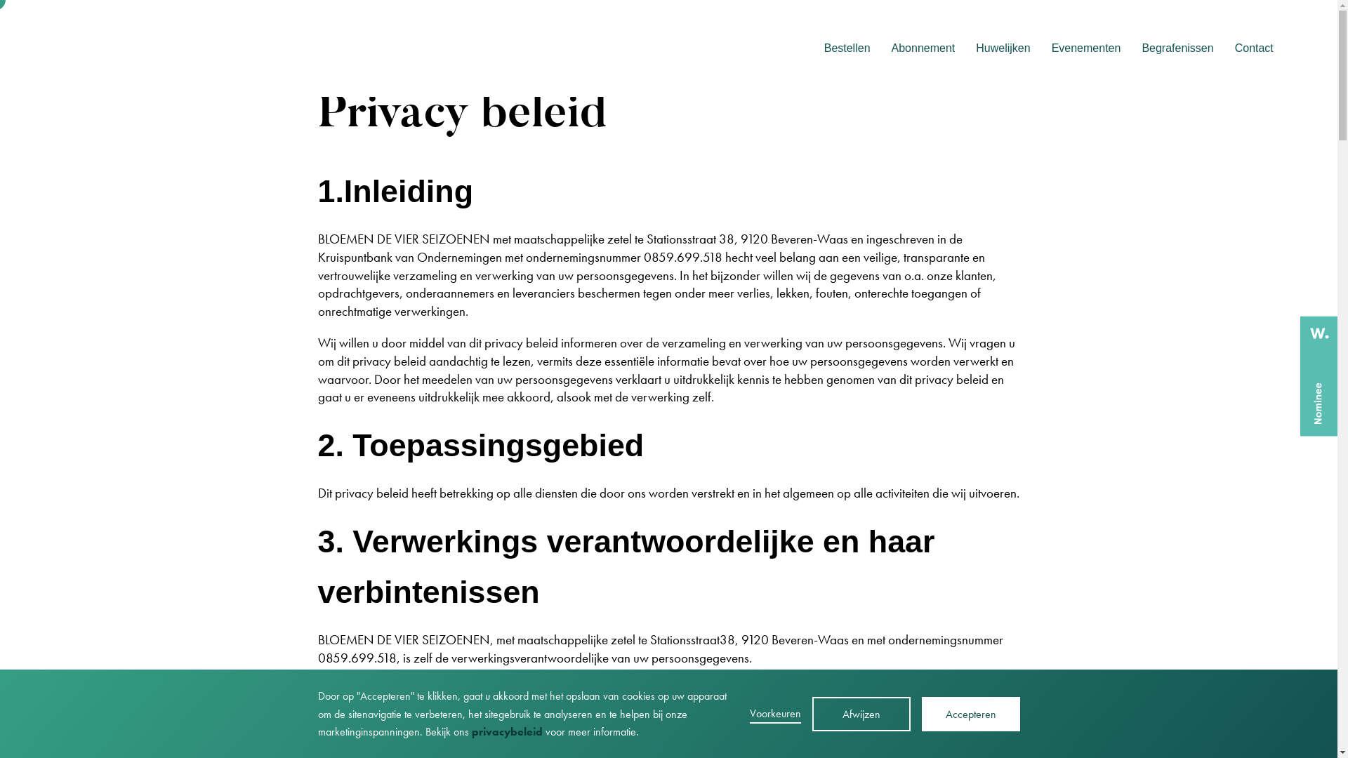 Image resolution: width=1348 pixels, height=758 pixels. Describe the element at coordinates (970, 714) in the screenshot. I see `'Accepteren'` at that location.